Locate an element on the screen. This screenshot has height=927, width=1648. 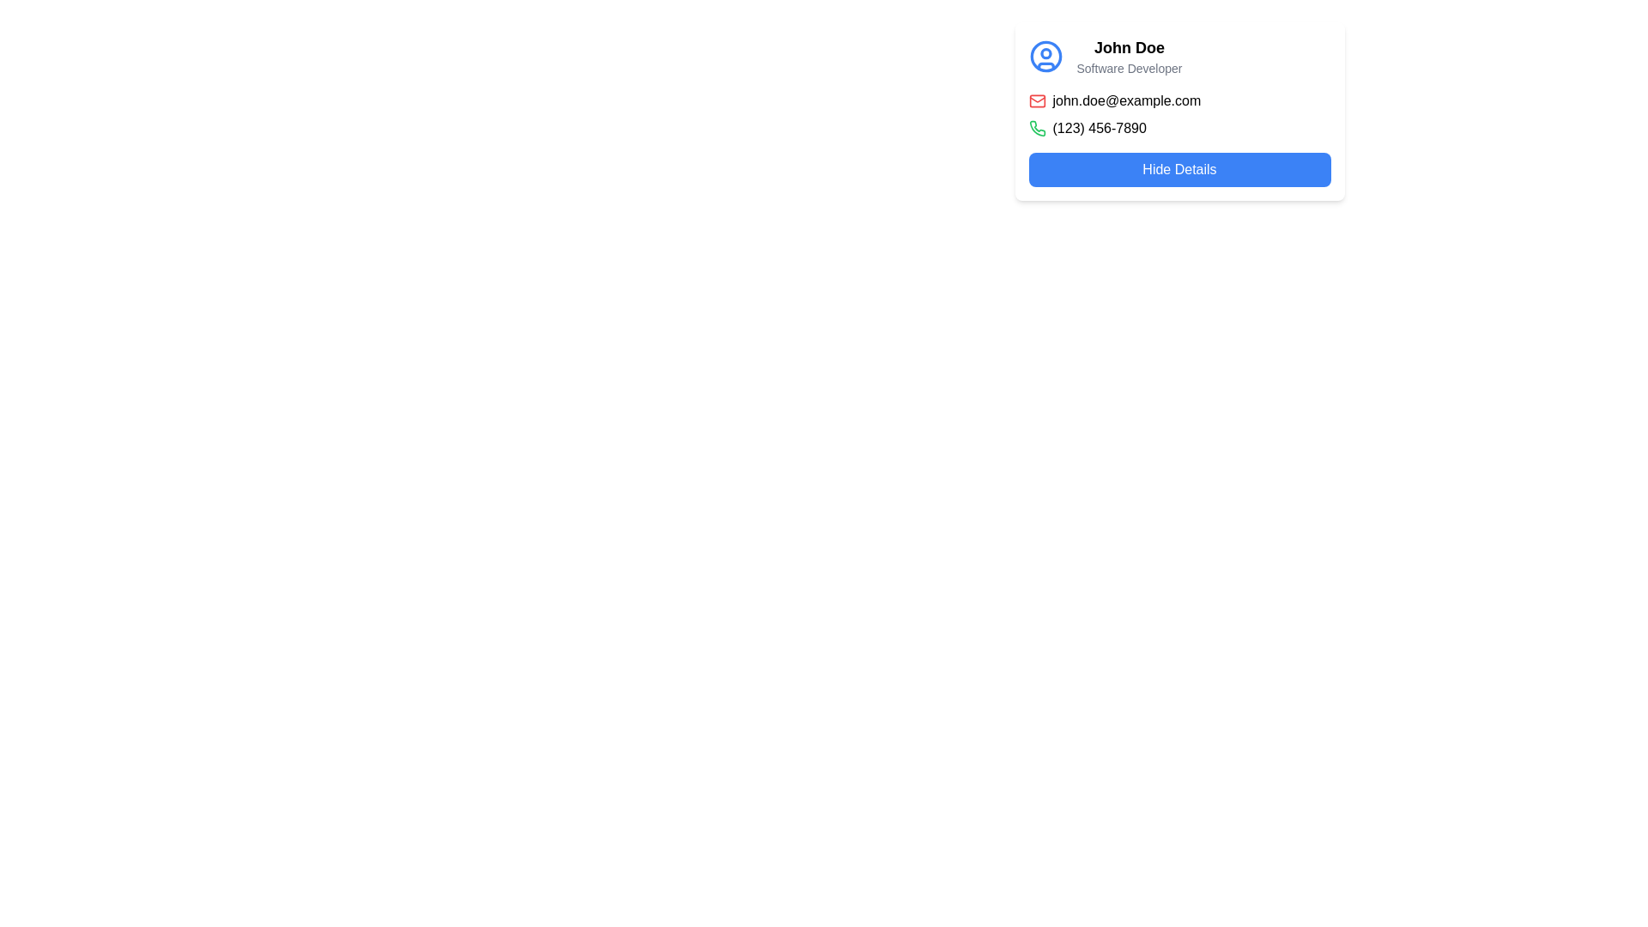
the text label displaying the user's name and job title, which is positioned centrally within a horizontal layout and immediately to the right of a circular user icon is located at coordinates (1129, 55).